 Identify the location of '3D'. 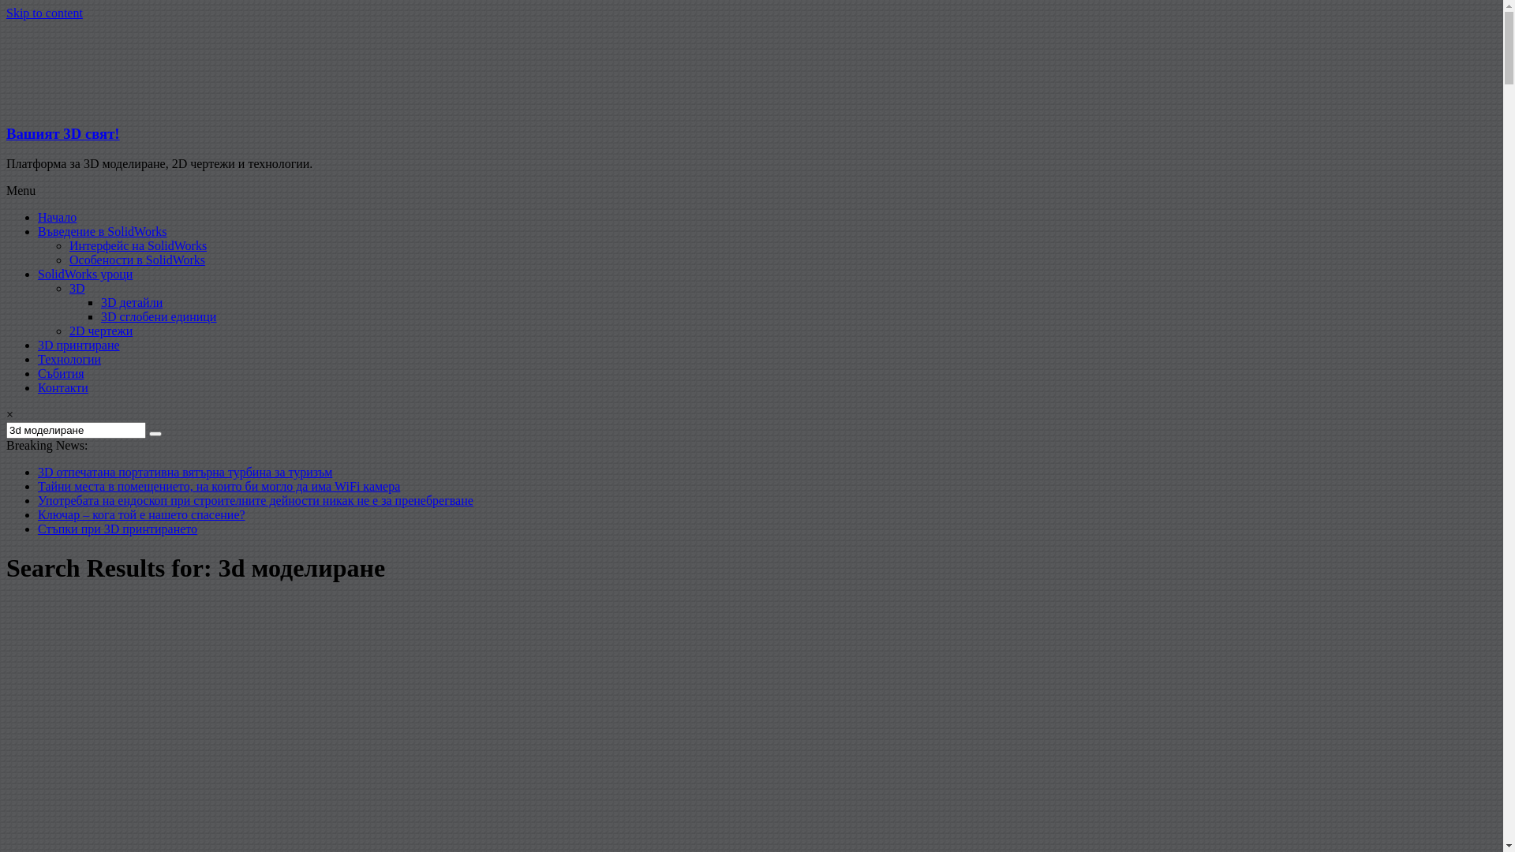
(76, 288).